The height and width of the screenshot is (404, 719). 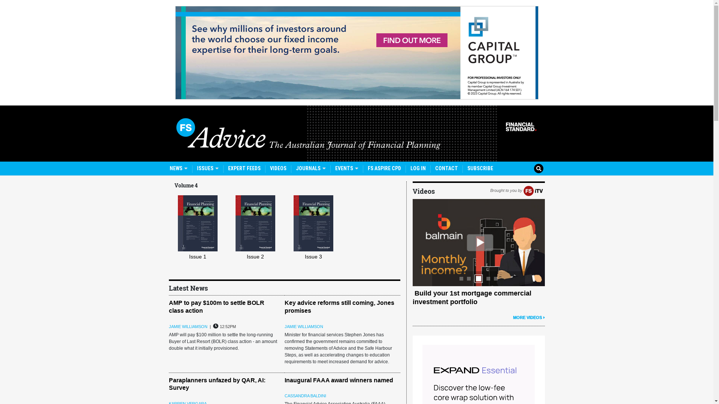 What do you see at coordinates (305, 395) in the screenshot?
I see `'CASSANDRA BALDINI'` at bounding box center [305, 395].